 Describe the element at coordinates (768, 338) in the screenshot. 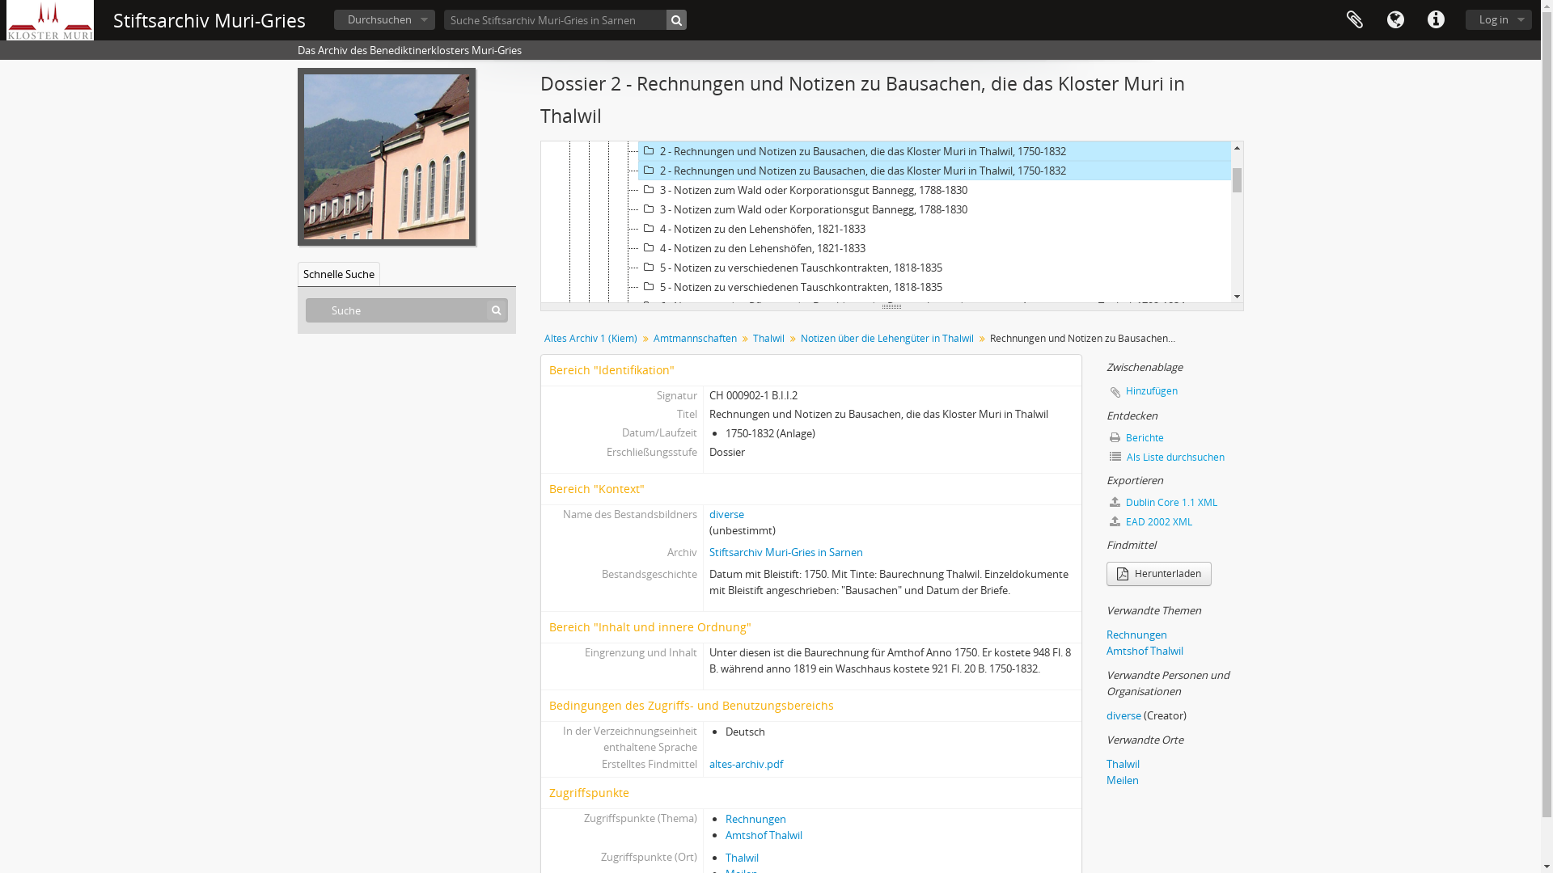

I see `'Thalwil'` at that location.